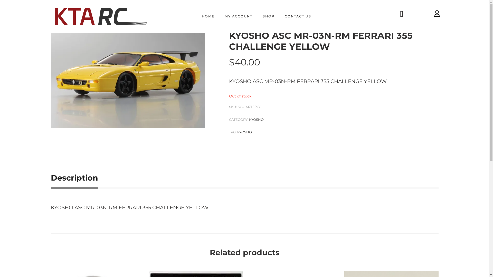  Describe the element at coordinates (401, 14) in the screenshot. I see `'facebook'` at that location.